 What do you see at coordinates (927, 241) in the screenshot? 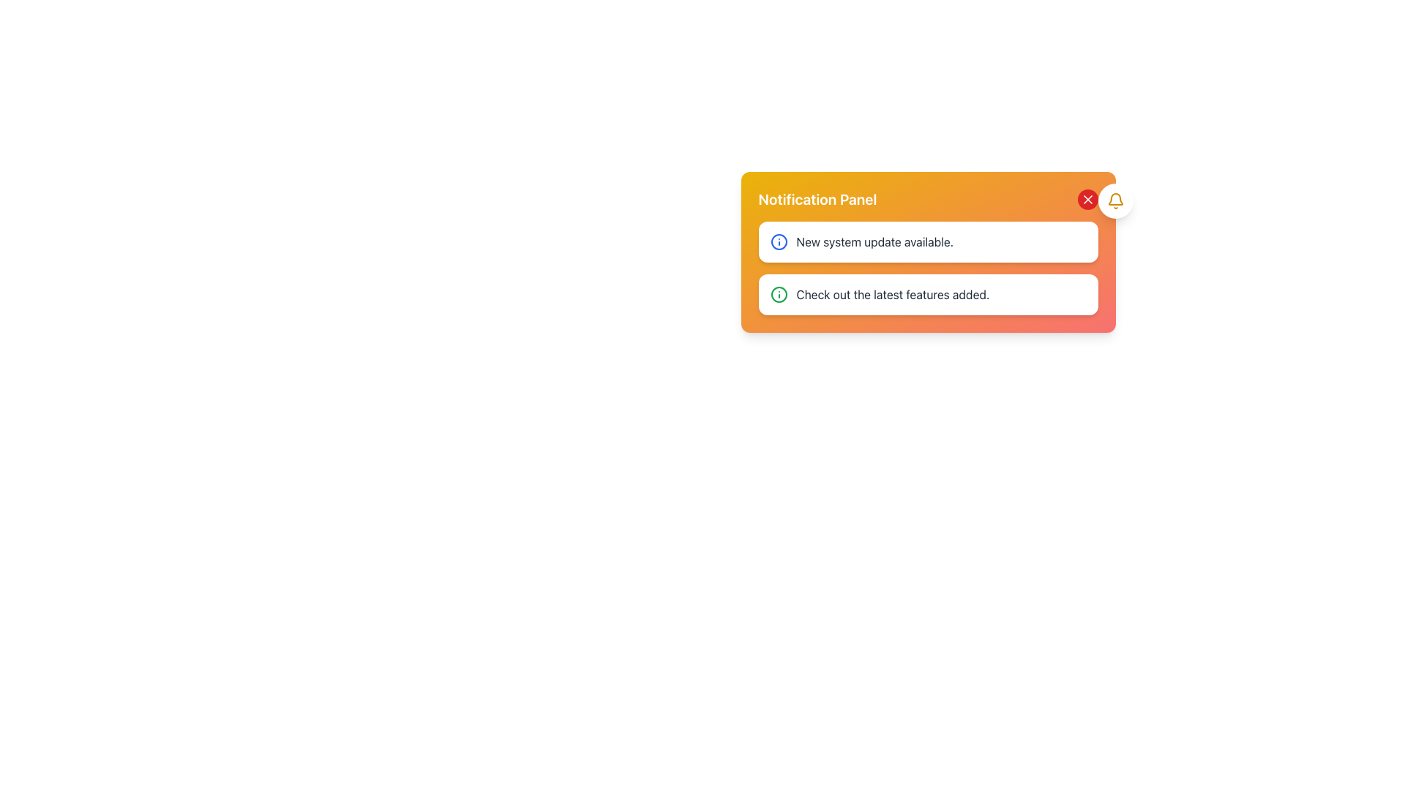
I see `notification text from the first notification item in the Notification Panel, which is identified by its orange gradient header and its position above another notification` at bounding box center [927, 241].